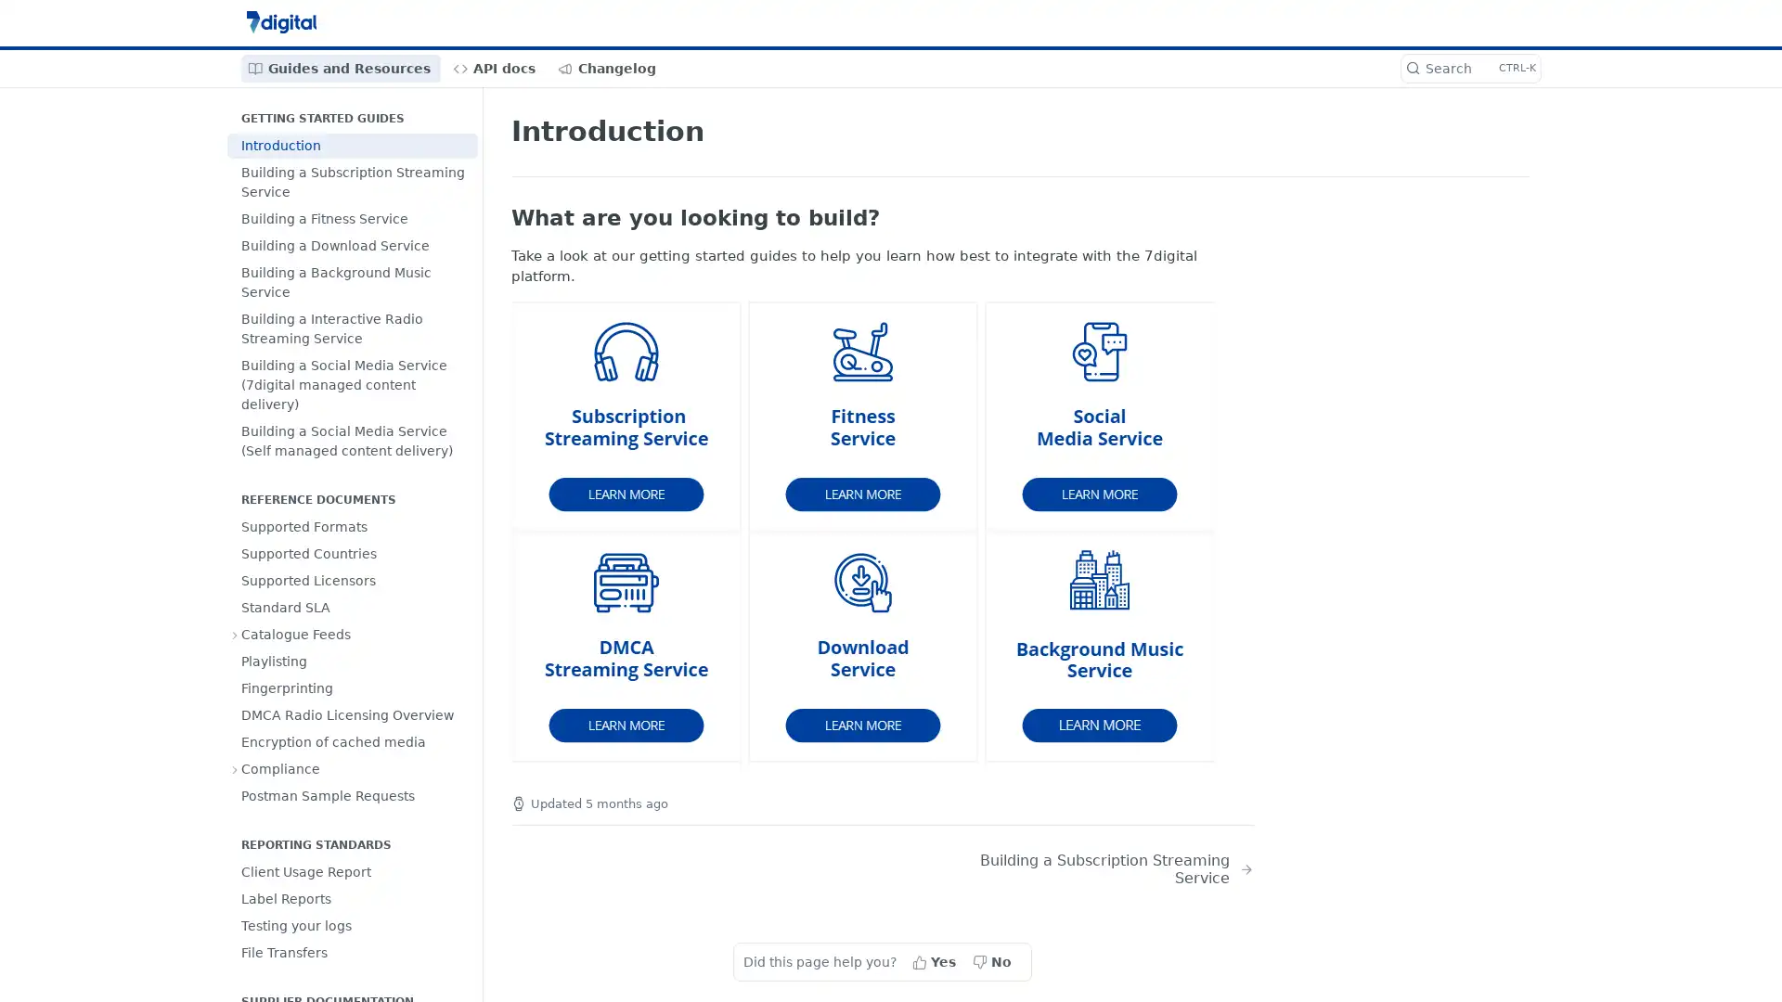  What do you see at coordinates (627, 414) in the screenshot?
I see `homepage` at bounding box center [627, 414].